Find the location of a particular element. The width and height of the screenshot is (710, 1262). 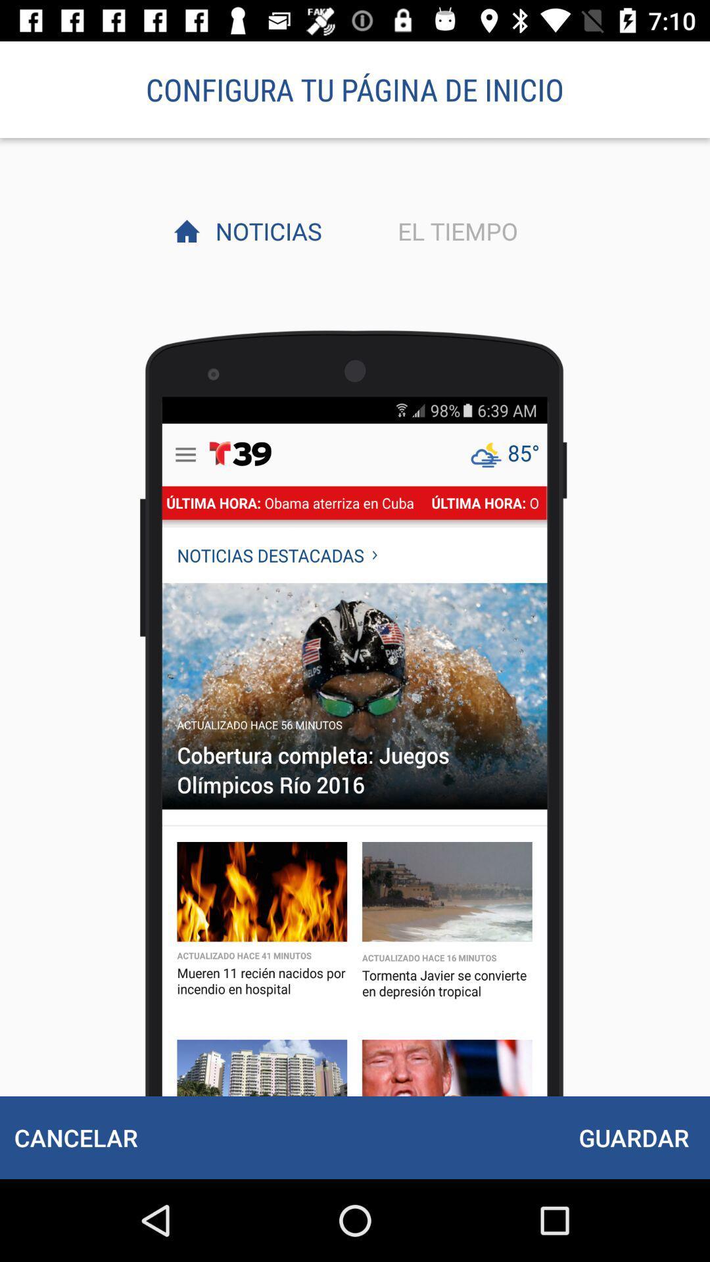

icon to the left of guardar is located at coordinates (76, 1137).